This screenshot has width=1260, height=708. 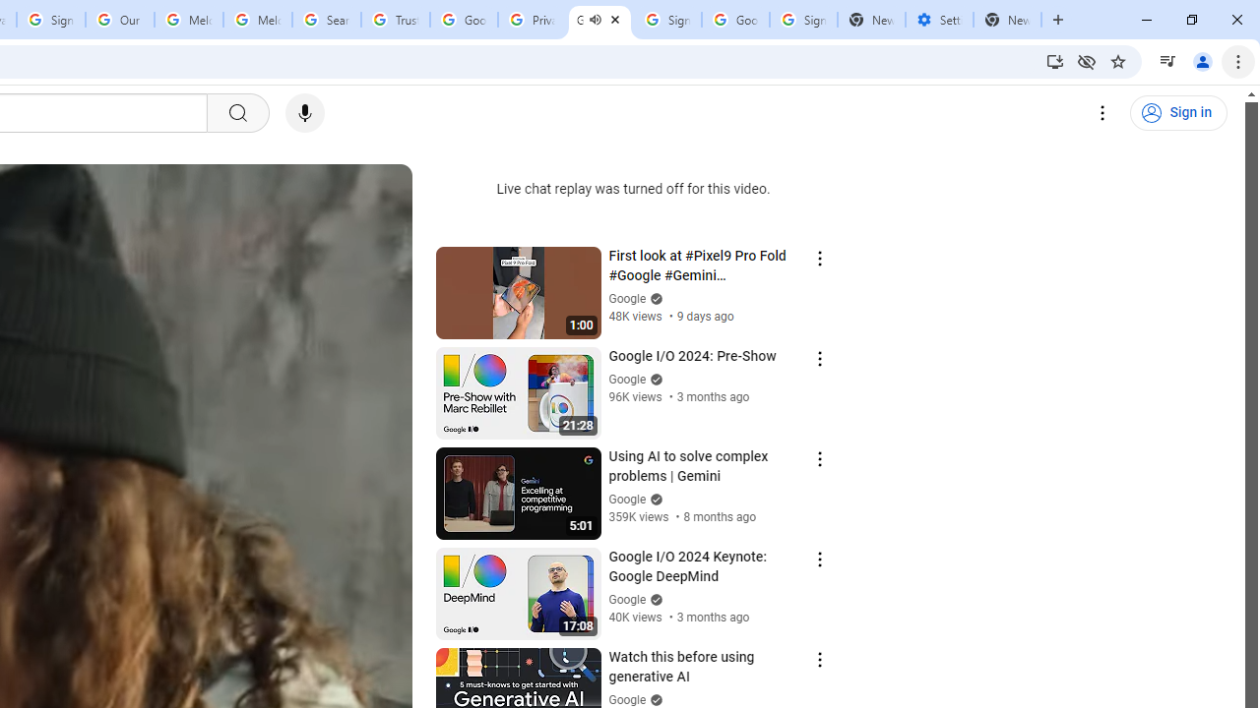 I want to click on 'Verified', so click(x=654, y=698).